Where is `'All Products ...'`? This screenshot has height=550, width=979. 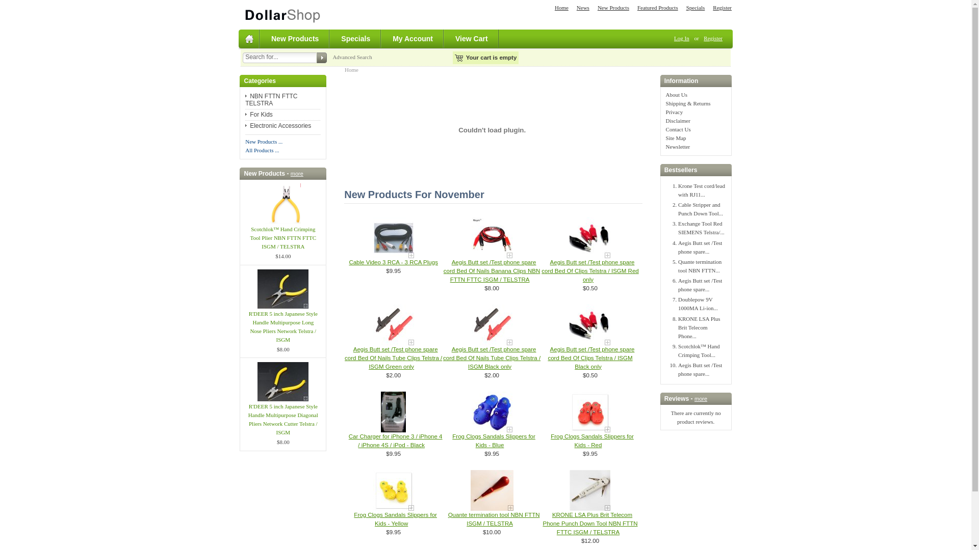
'All Products ...' is located at coordinates (262, 150).